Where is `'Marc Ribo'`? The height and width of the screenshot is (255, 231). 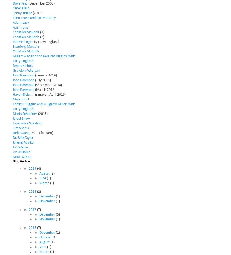 'Marc Ribo' is located at coordinates (20, 99).